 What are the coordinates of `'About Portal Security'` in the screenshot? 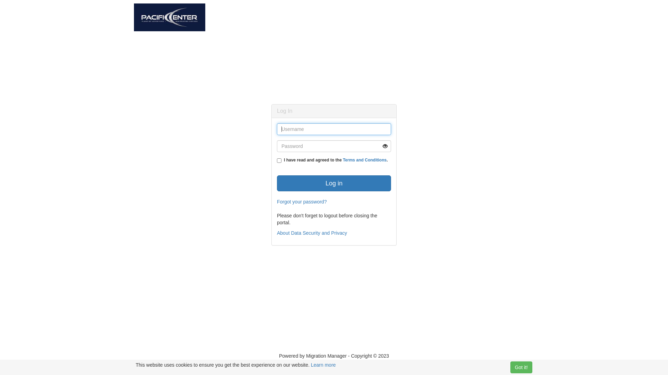 It's located at (310, 362).